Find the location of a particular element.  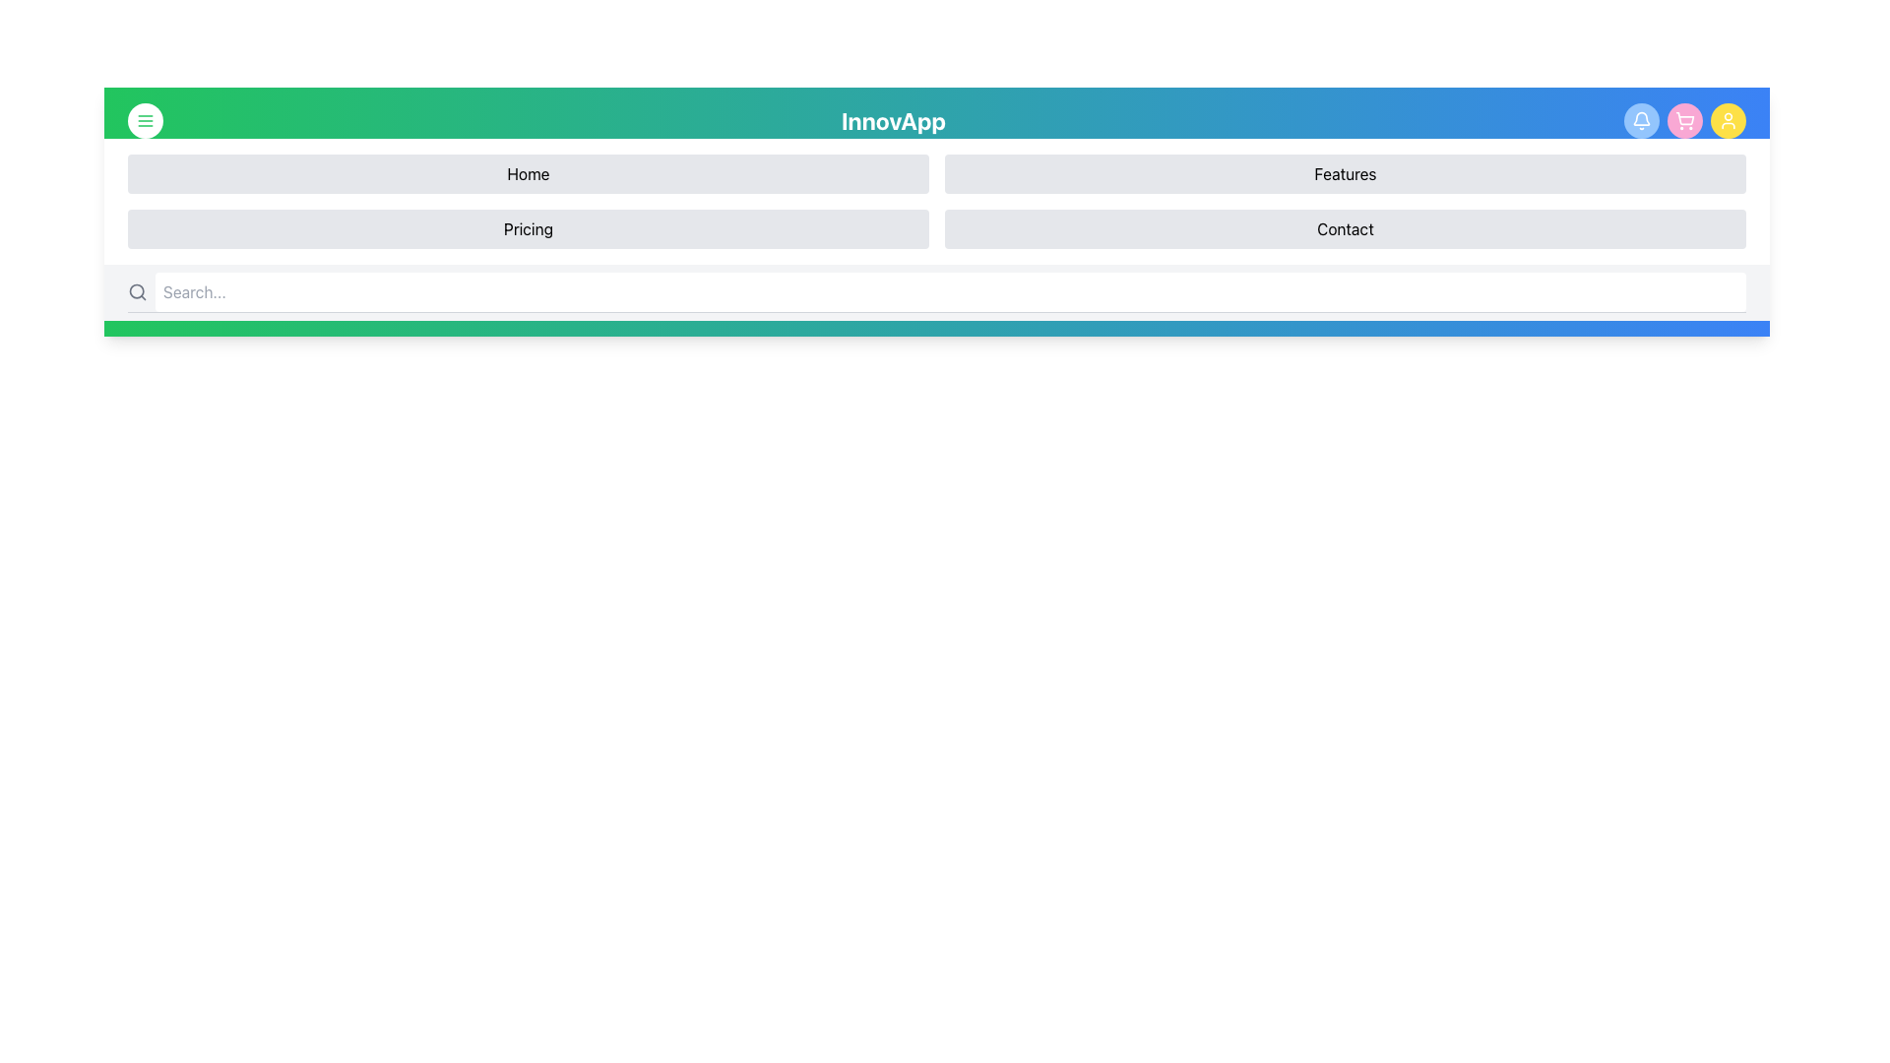

on the shopping cart icon, which is a wireframe depiction located near the top-right corner of the interface is located at coordinates (1684, 118).